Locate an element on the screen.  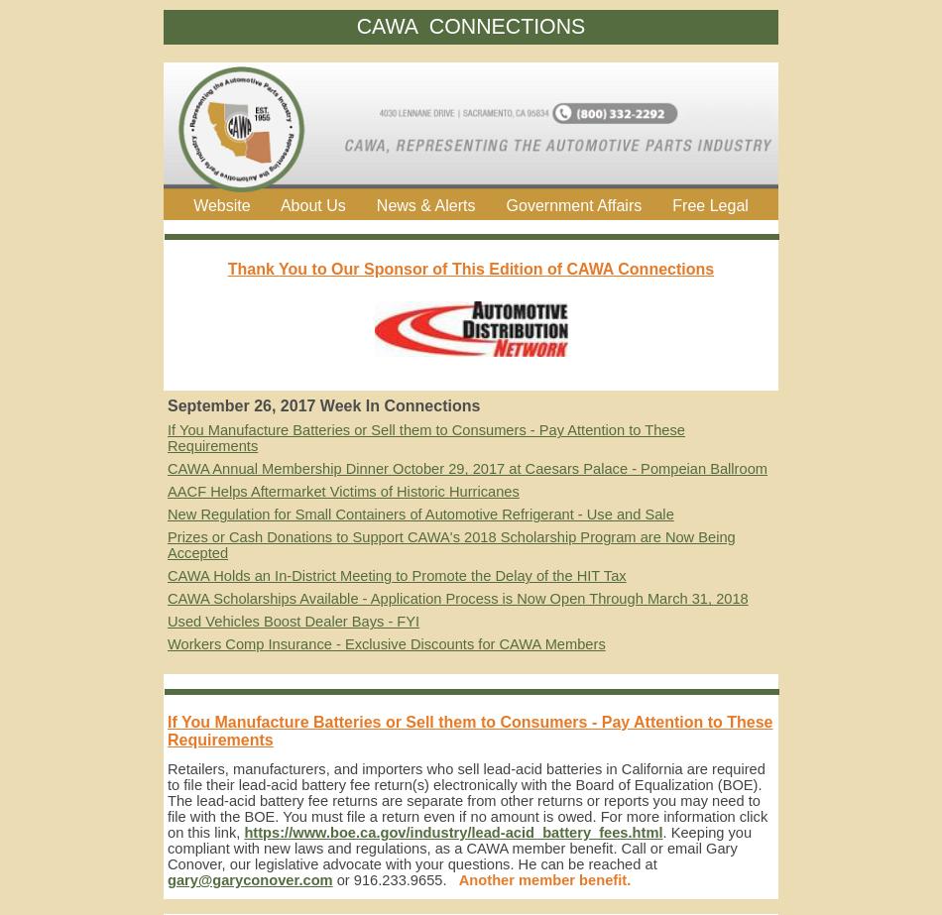
'https://www.boe.ca.gov/industry/lead-acid_battery_fees.html' is located at coordinates (452, 832).